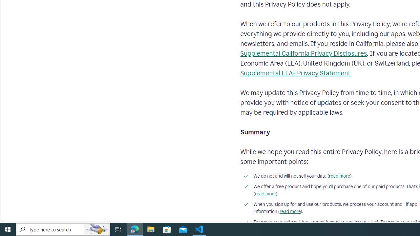 This screenshot has width=420, height=236. Describe the element at coordinates (296, 73) in the screenshot. I see `'Supplemental EEA+ Privacy Statement.'` at that location.